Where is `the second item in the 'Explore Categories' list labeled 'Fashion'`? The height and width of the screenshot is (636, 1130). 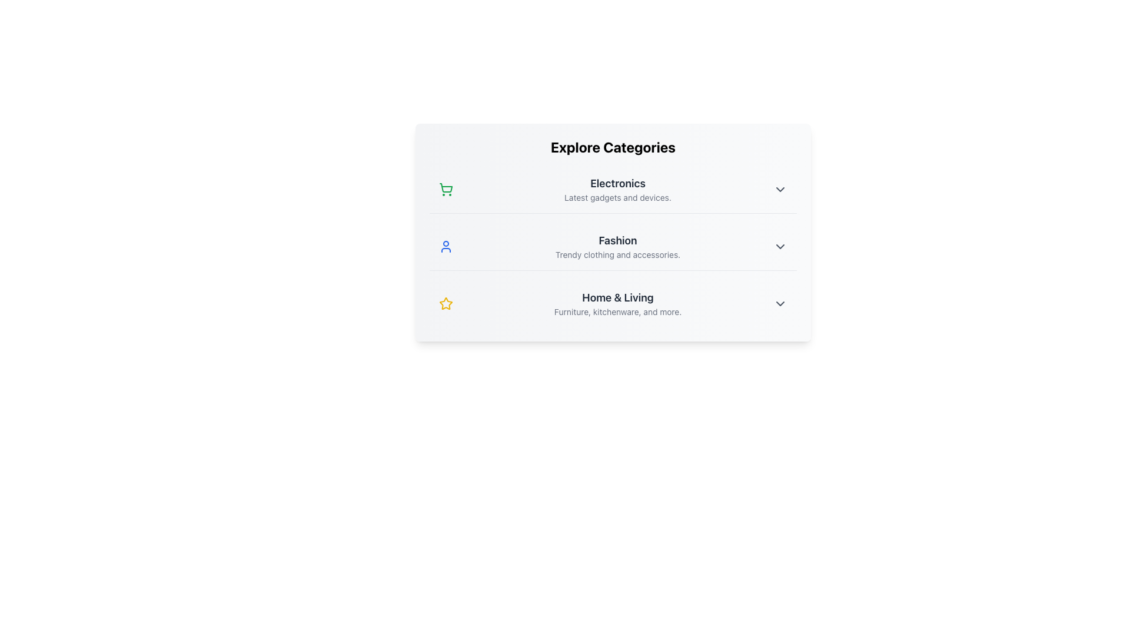
the second item in the 'Explore Categories' list labeled 'Fashion' is located at coordinates (612, 246).